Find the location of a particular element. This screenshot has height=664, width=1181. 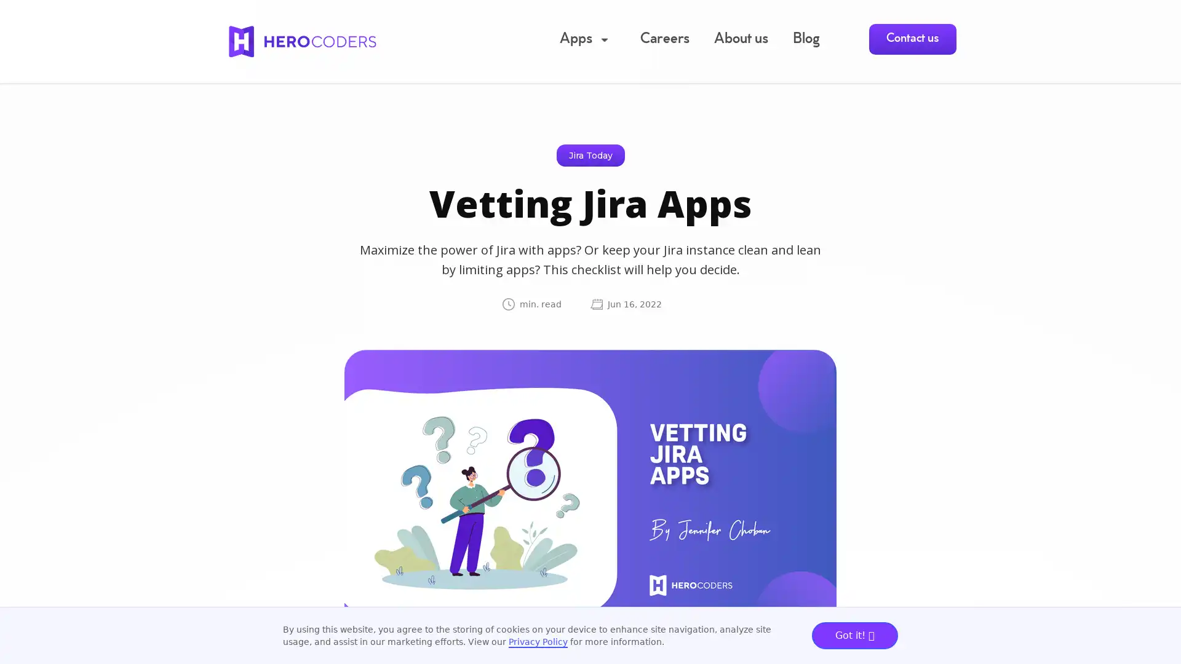

Got it! is located at coordinates (854, 635).